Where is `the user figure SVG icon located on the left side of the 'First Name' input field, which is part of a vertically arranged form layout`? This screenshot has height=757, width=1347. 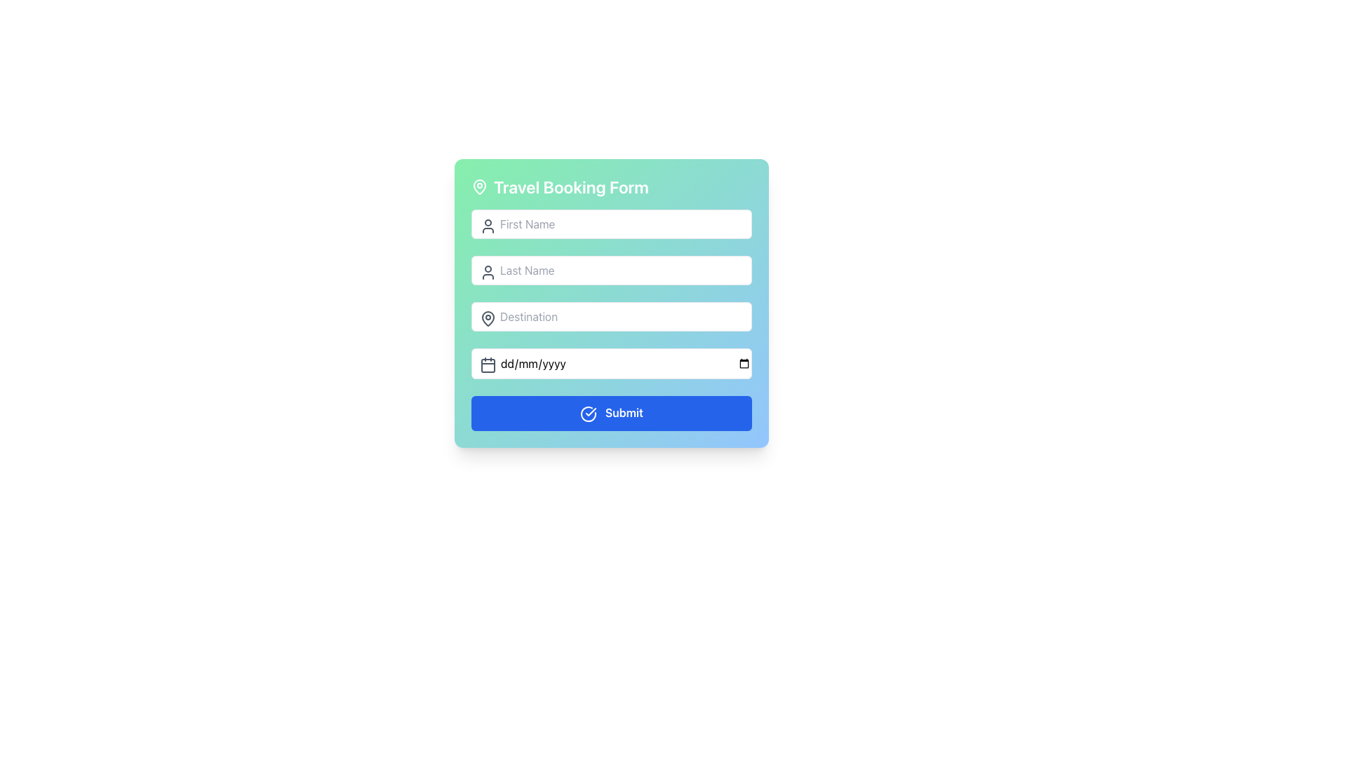
the user figure SVG icon located on the left side of the 'First Name' input field, which is part of a vertically arranged form layout is located at coordinates (488, 226).